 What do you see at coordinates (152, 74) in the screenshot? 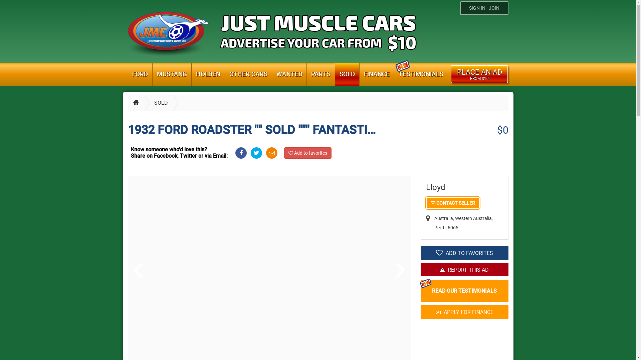
I see `'MUSTANG'` at bounding box center [152, 74].